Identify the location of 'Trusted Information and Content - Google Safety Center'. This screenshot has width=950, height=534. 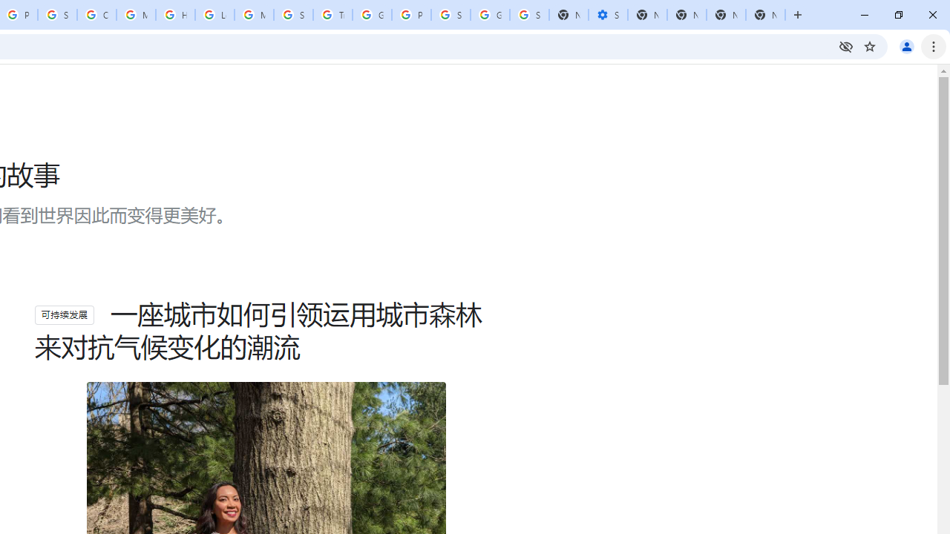
(332, 15).